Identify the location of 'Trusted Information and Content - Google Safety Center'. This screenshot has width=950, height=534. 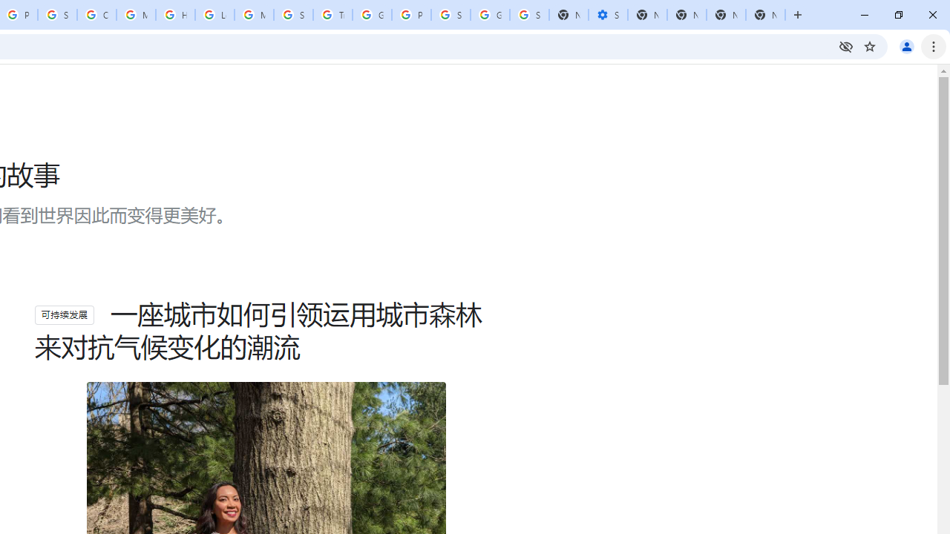
(332, 15).